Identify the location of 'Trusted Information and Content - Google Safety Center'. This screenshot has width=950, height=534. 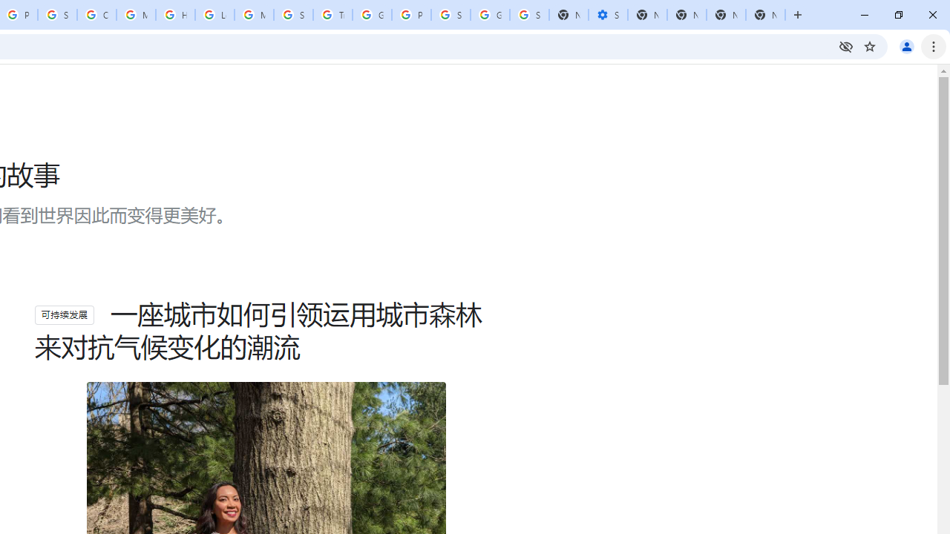
(332, 15).